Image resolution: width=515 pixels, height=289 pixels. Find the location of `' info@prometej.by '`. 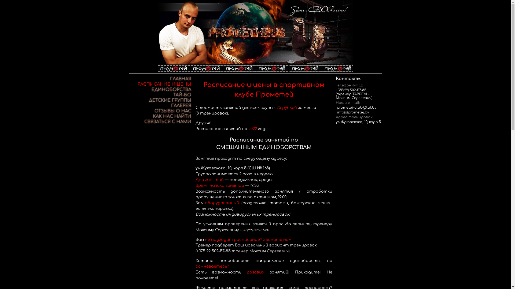

' info@prometej.by ' is located at coordinates (353, 112).